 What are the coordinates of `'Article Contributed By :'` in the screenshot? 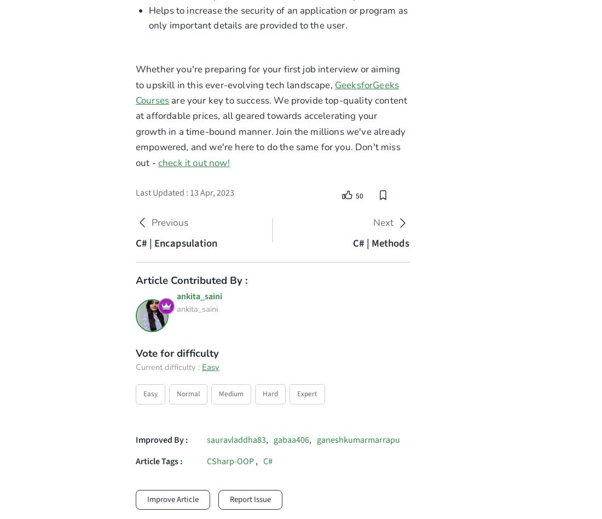 It's located at (192, 280).